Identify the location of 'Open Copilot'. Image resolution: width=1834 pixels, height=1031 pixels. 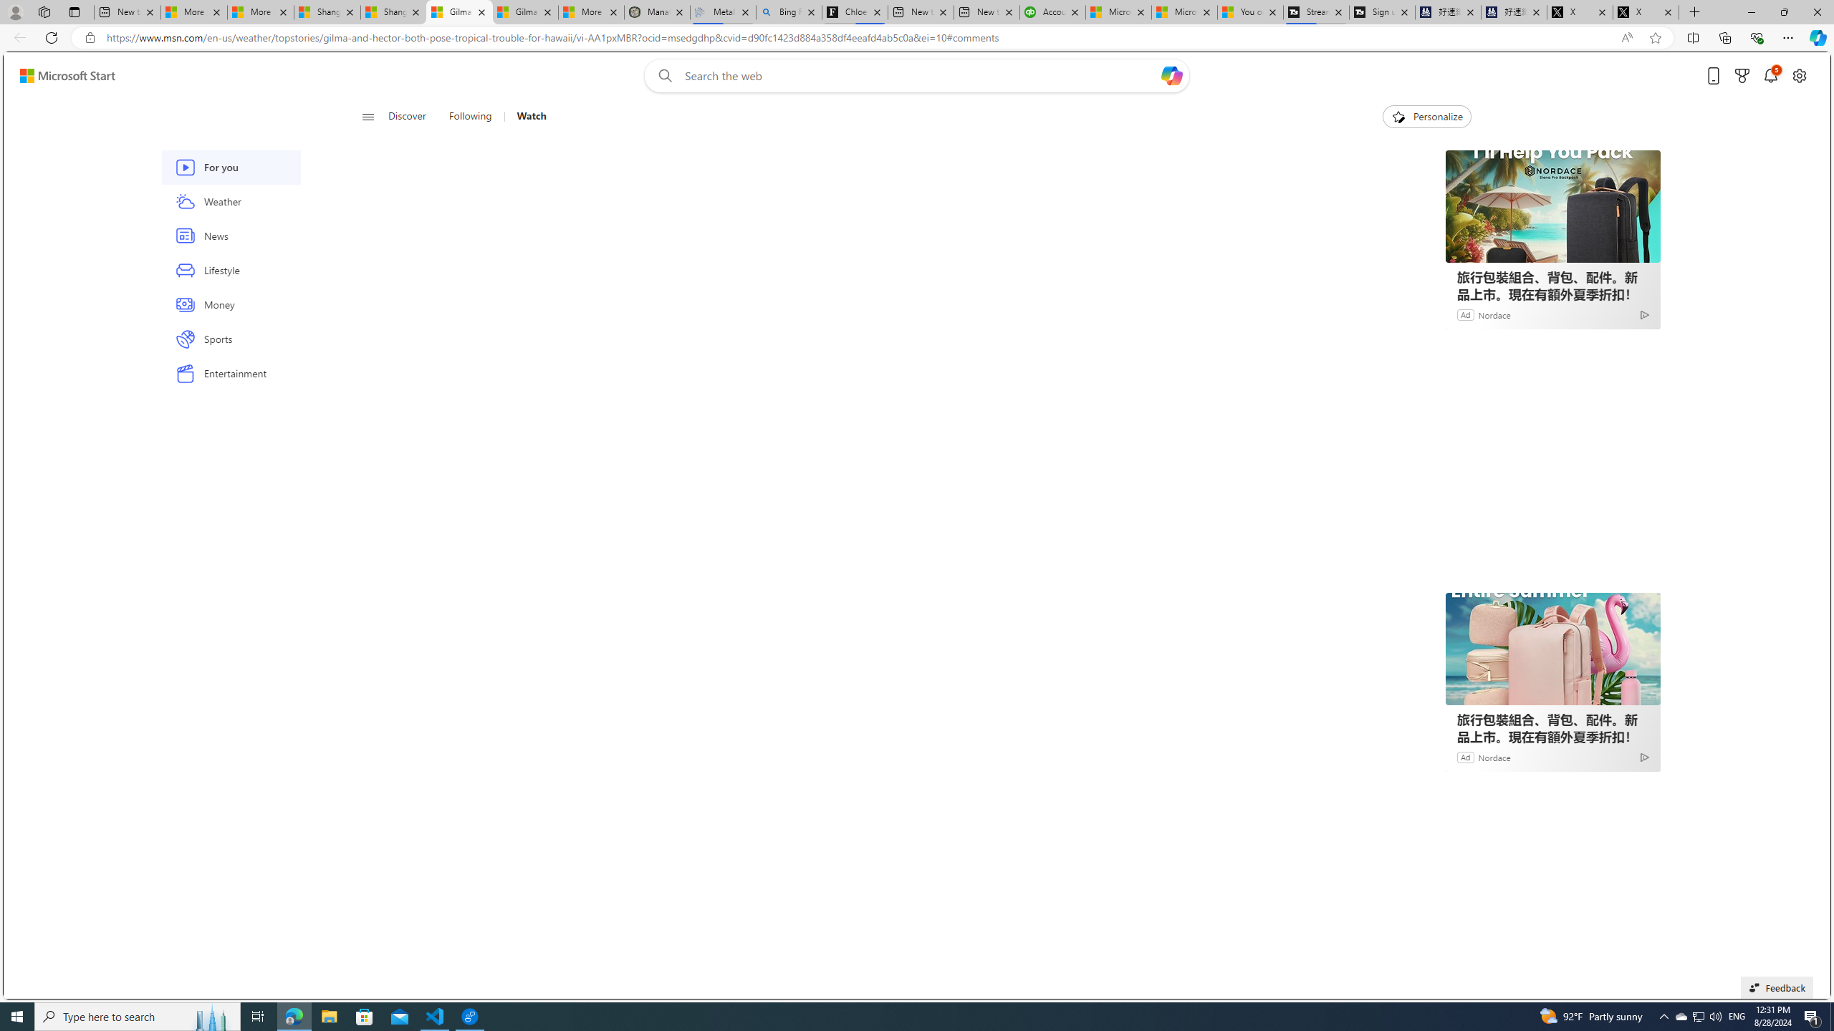
(1171, 74).